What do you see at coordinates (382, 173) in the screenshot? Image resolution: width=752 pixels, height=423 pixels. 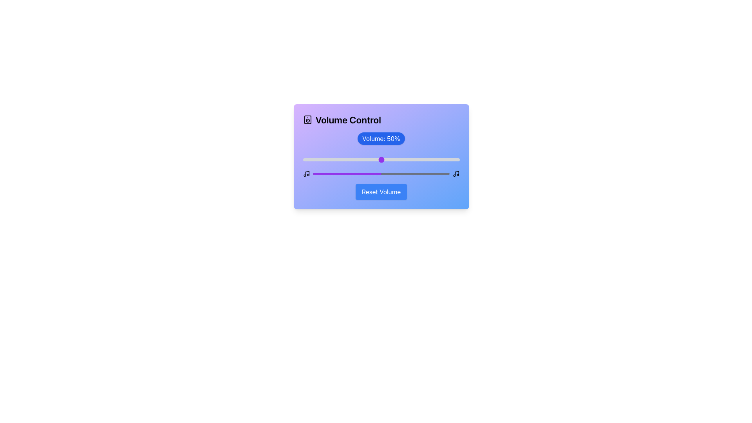 I see `the volume` at bounding box center [382, 173].